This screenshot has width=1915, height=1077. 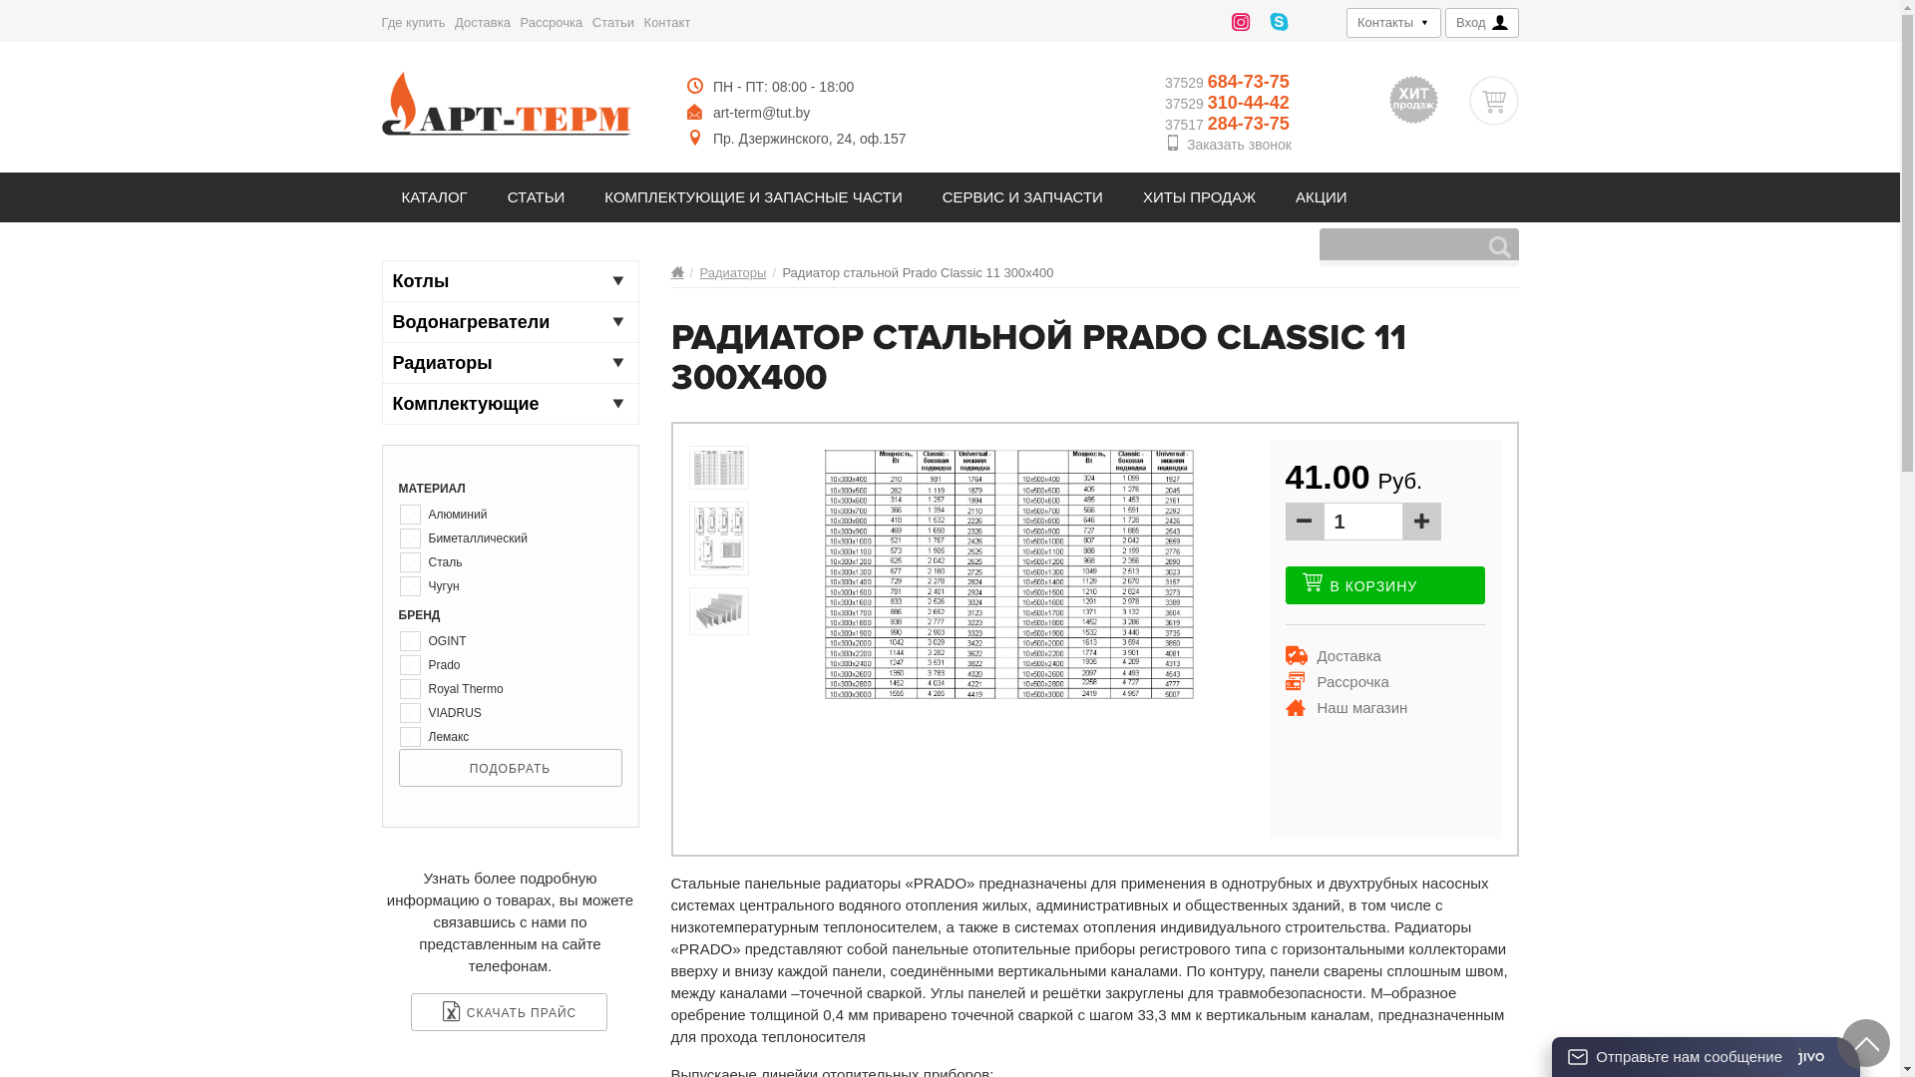 I want to click on '37529 310-44-42', so click(x=1227, y=103).